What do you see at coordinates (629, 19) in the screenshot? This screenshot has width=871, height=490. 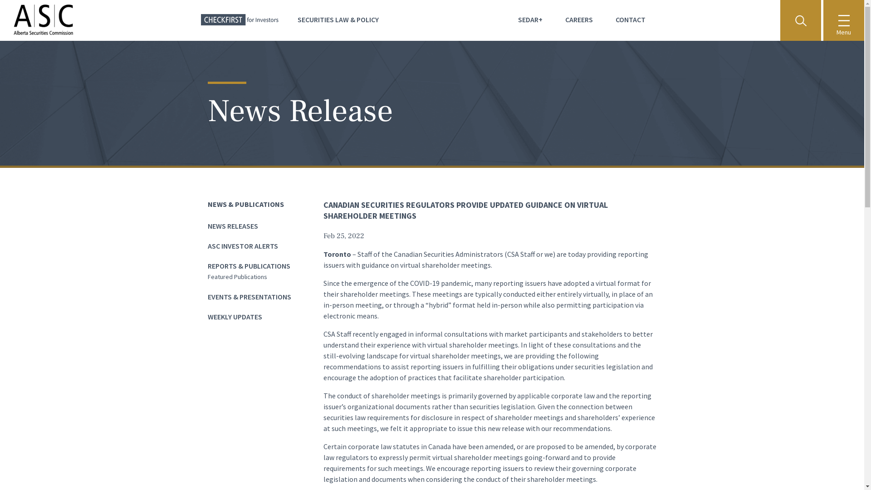 I see `'CONTACT'` at bounding box center [629, 19].